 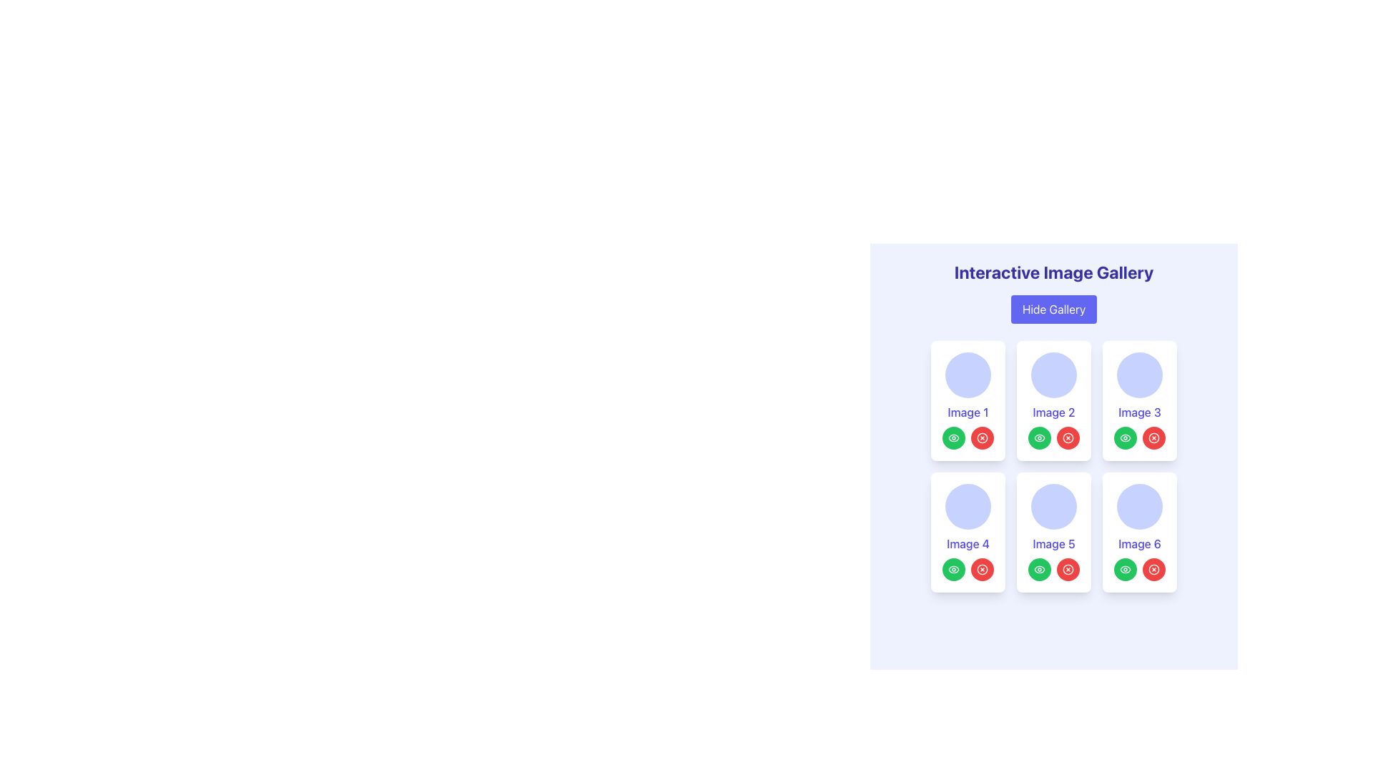 I want to click on the text label 'Image 2' which is styled in medium-size indigo font, located below a circular icon in the second card of the first row of a grid, so click(x=1053, y=412).